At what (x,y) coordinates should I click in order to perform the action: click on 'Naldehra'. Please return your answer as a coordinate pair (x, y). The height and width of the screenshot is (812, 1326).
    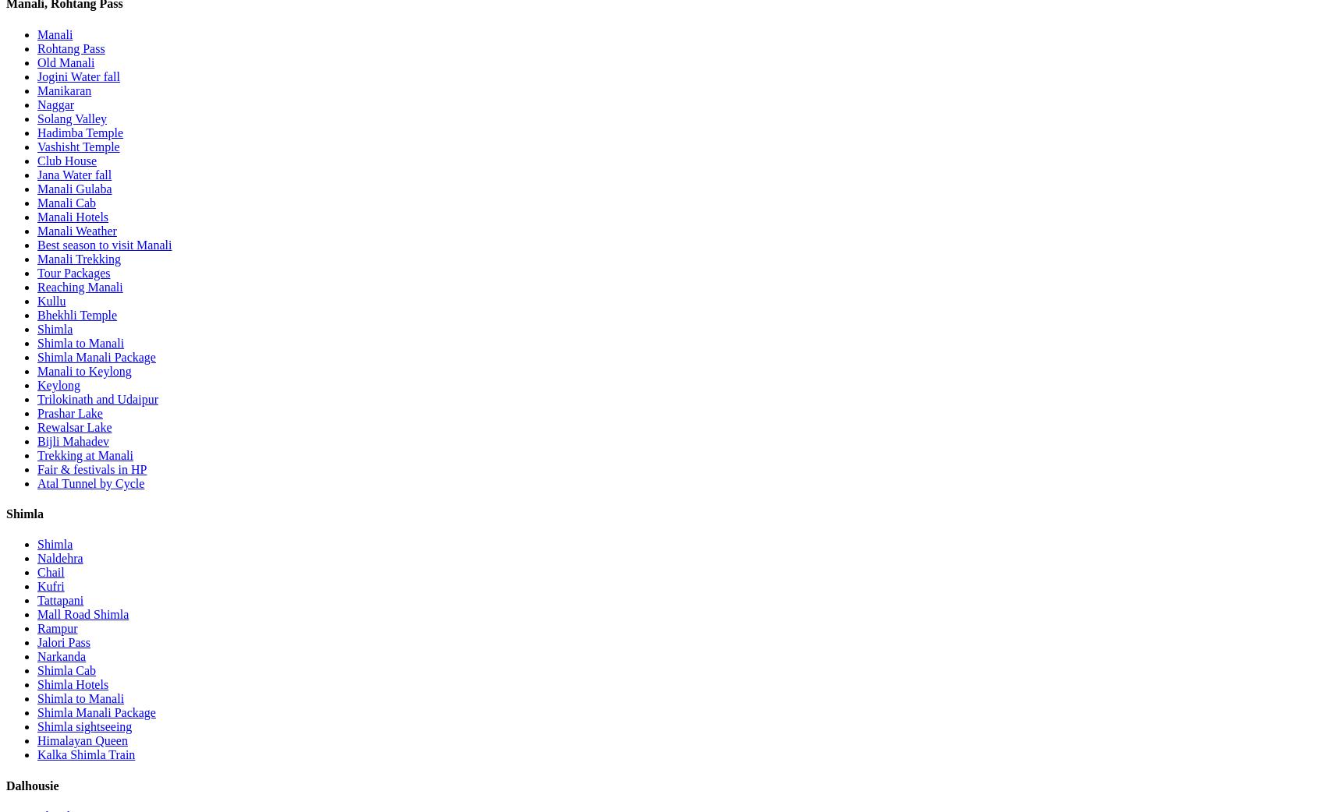
    Looking at the image, I should click on (60, 557).